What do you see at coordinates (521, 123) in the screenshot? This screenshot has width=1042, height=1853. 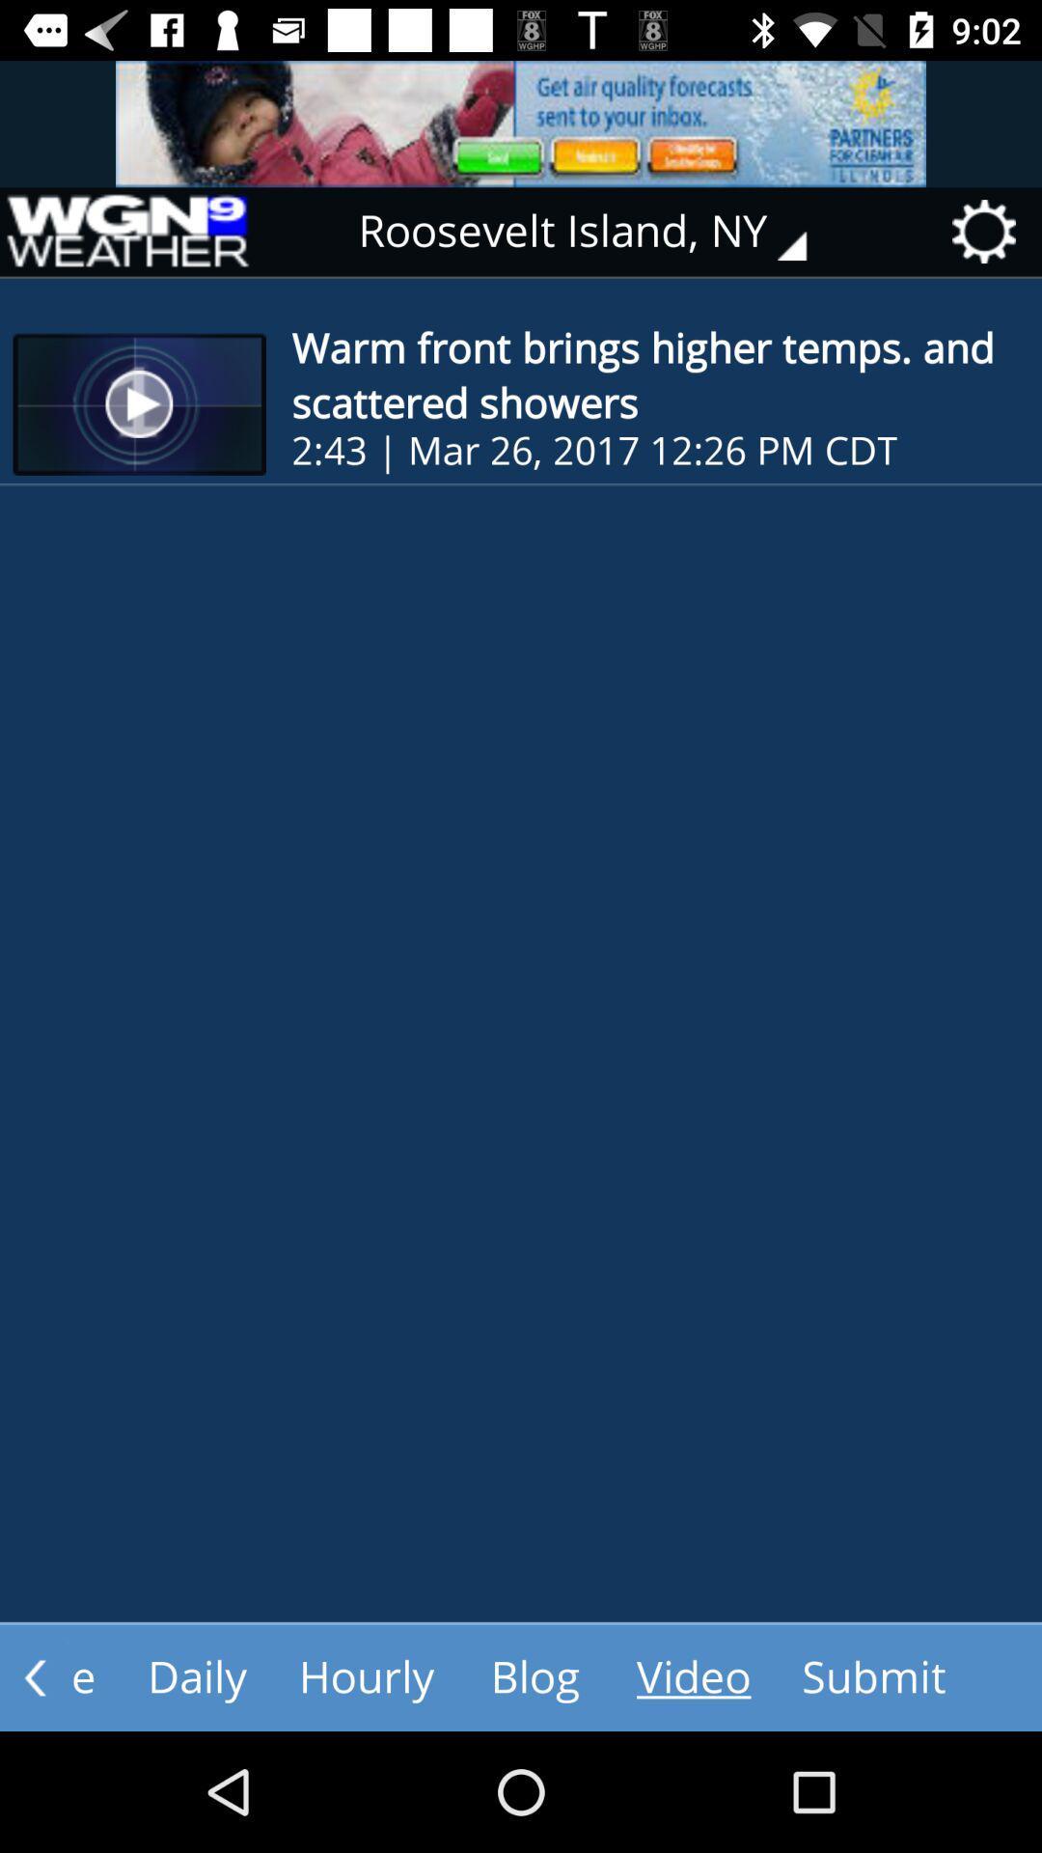 I see `advertisement website` at bounding box center [521, 123].